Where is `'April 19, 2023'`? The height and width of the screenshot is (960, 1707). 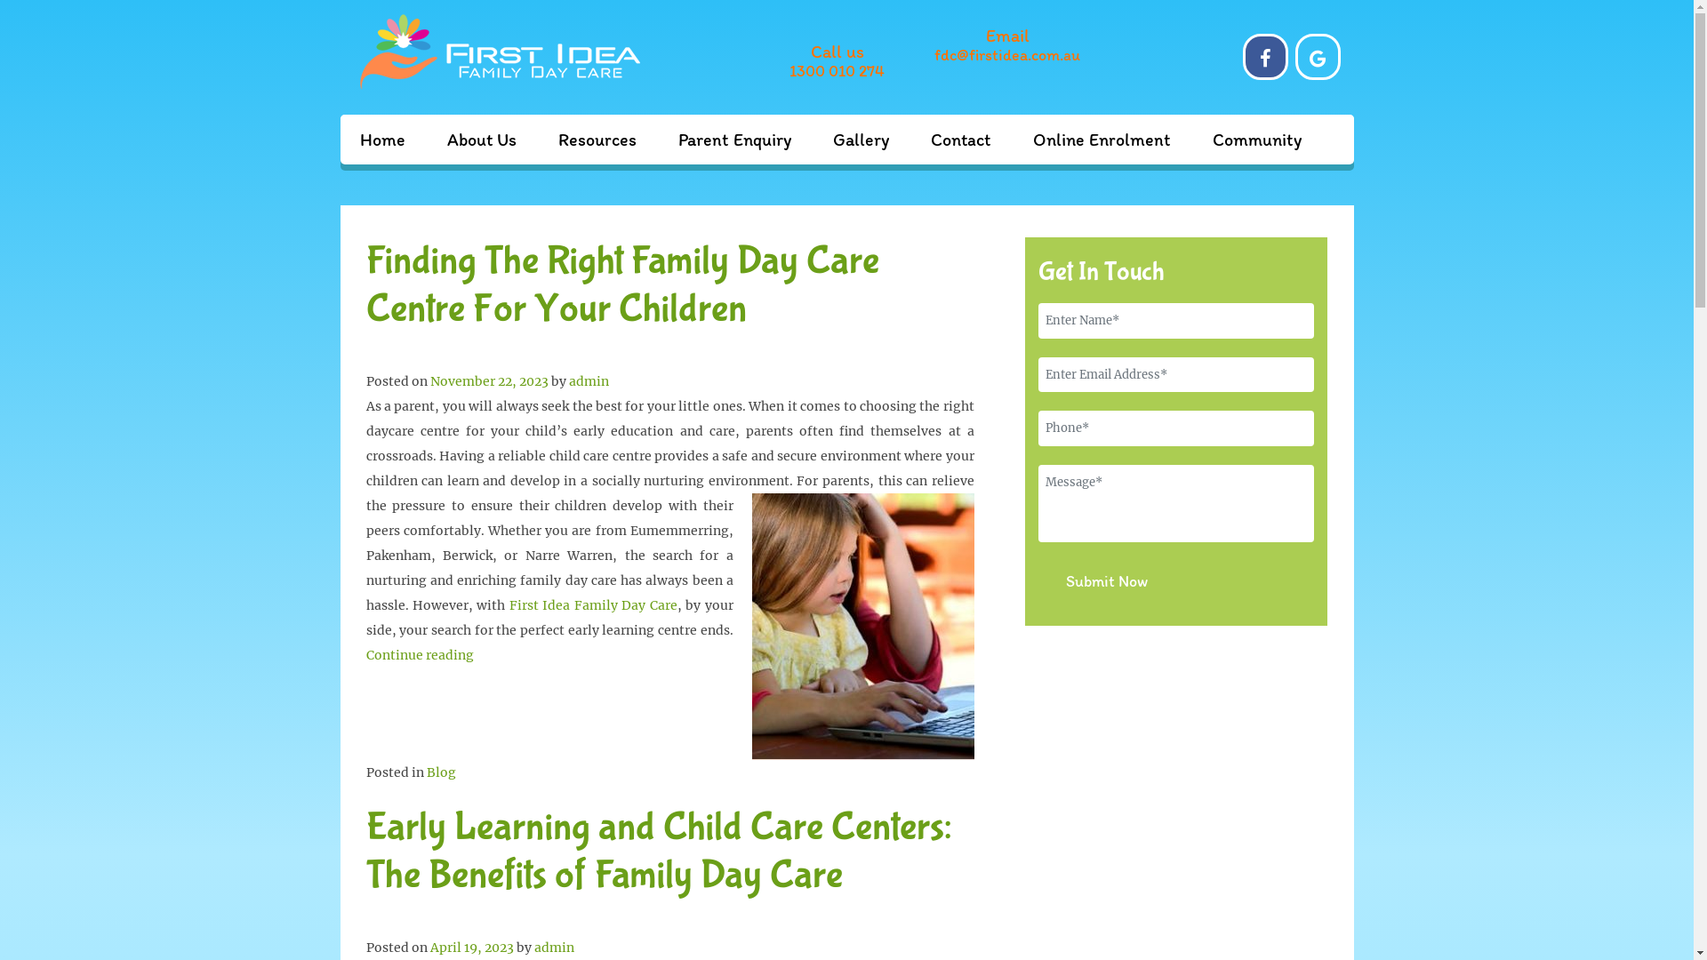 'April 19, 2023' is located at coordinates (472, 946).